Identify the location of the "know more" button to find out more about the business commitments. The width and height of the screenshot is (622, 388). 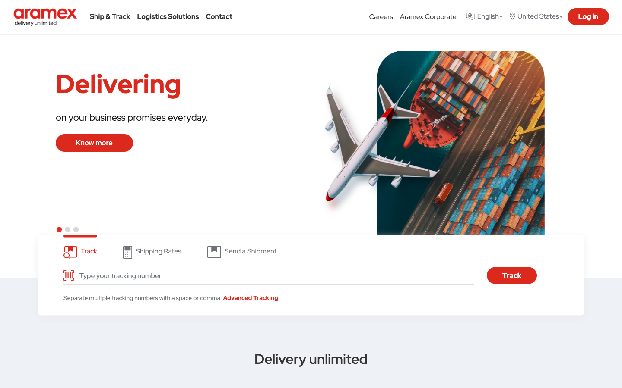
(94, 142).